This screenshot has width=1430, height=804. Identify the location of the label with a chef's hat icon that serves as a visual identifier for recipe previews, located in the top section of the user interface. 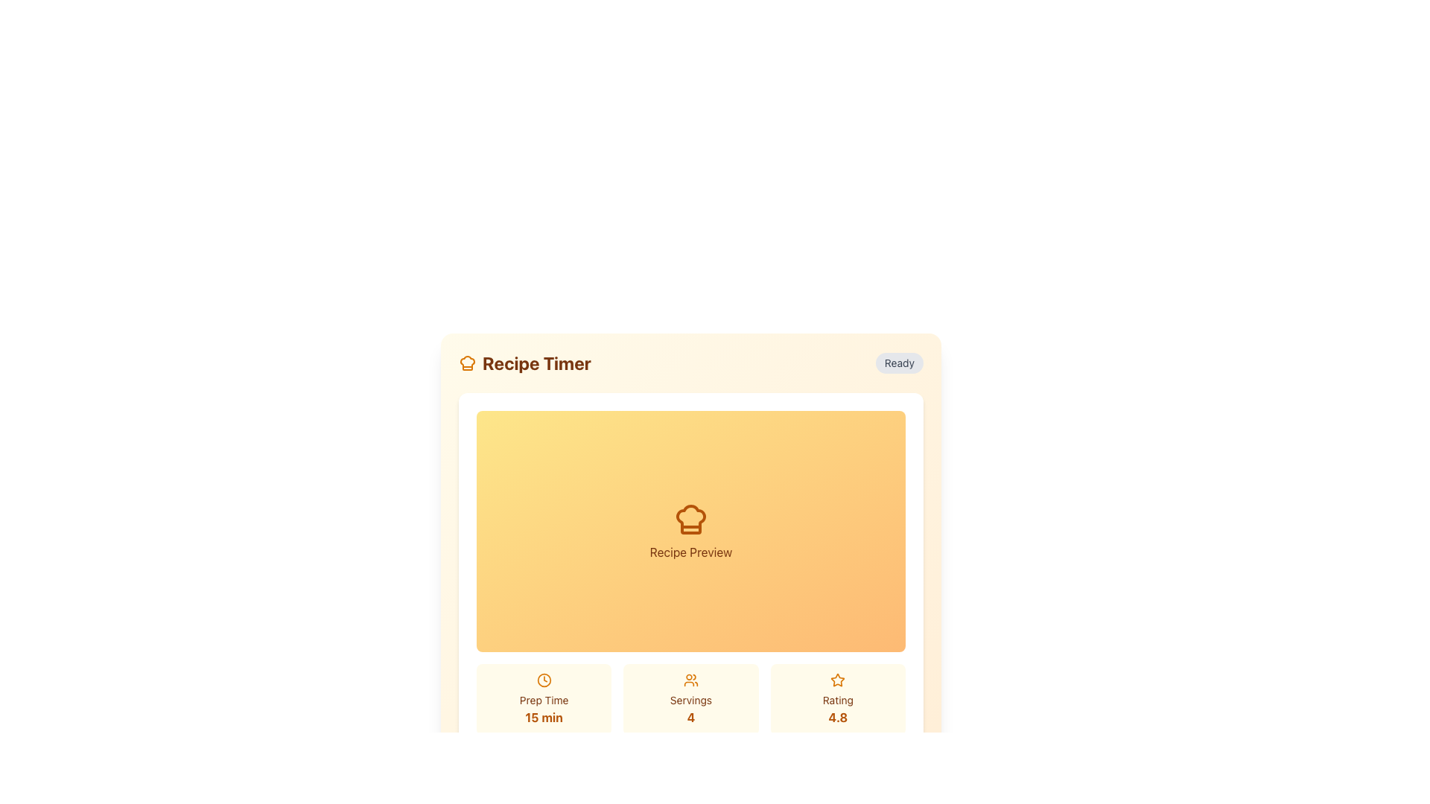
(690, 530).